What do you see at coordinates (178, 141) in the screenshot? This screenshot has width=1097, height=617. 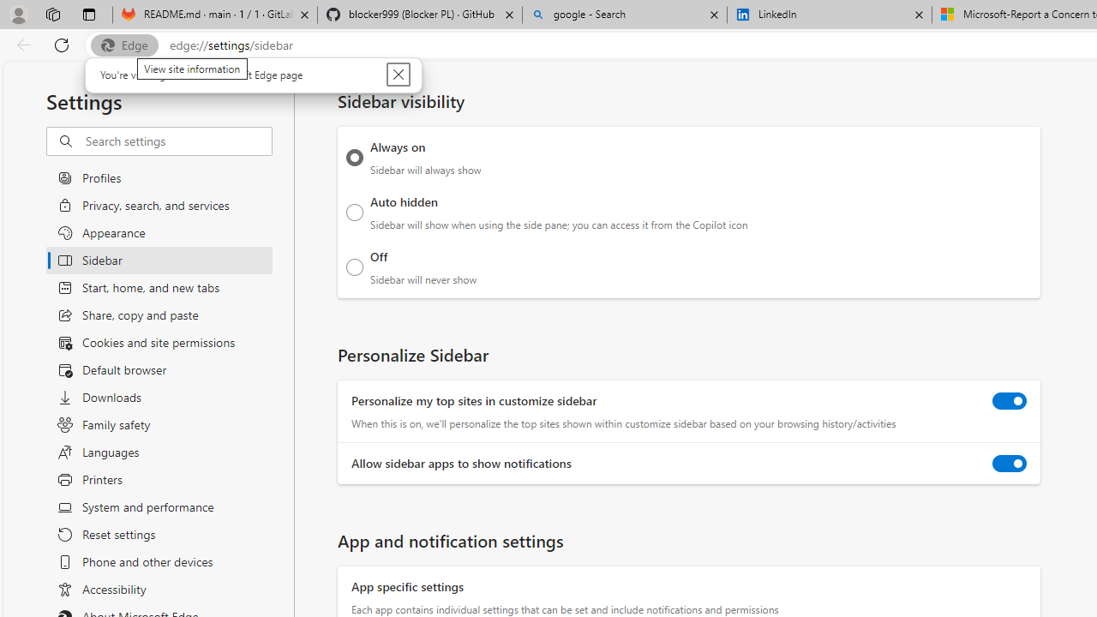 I see `'Search settings'` at bounding box center [178, 141].